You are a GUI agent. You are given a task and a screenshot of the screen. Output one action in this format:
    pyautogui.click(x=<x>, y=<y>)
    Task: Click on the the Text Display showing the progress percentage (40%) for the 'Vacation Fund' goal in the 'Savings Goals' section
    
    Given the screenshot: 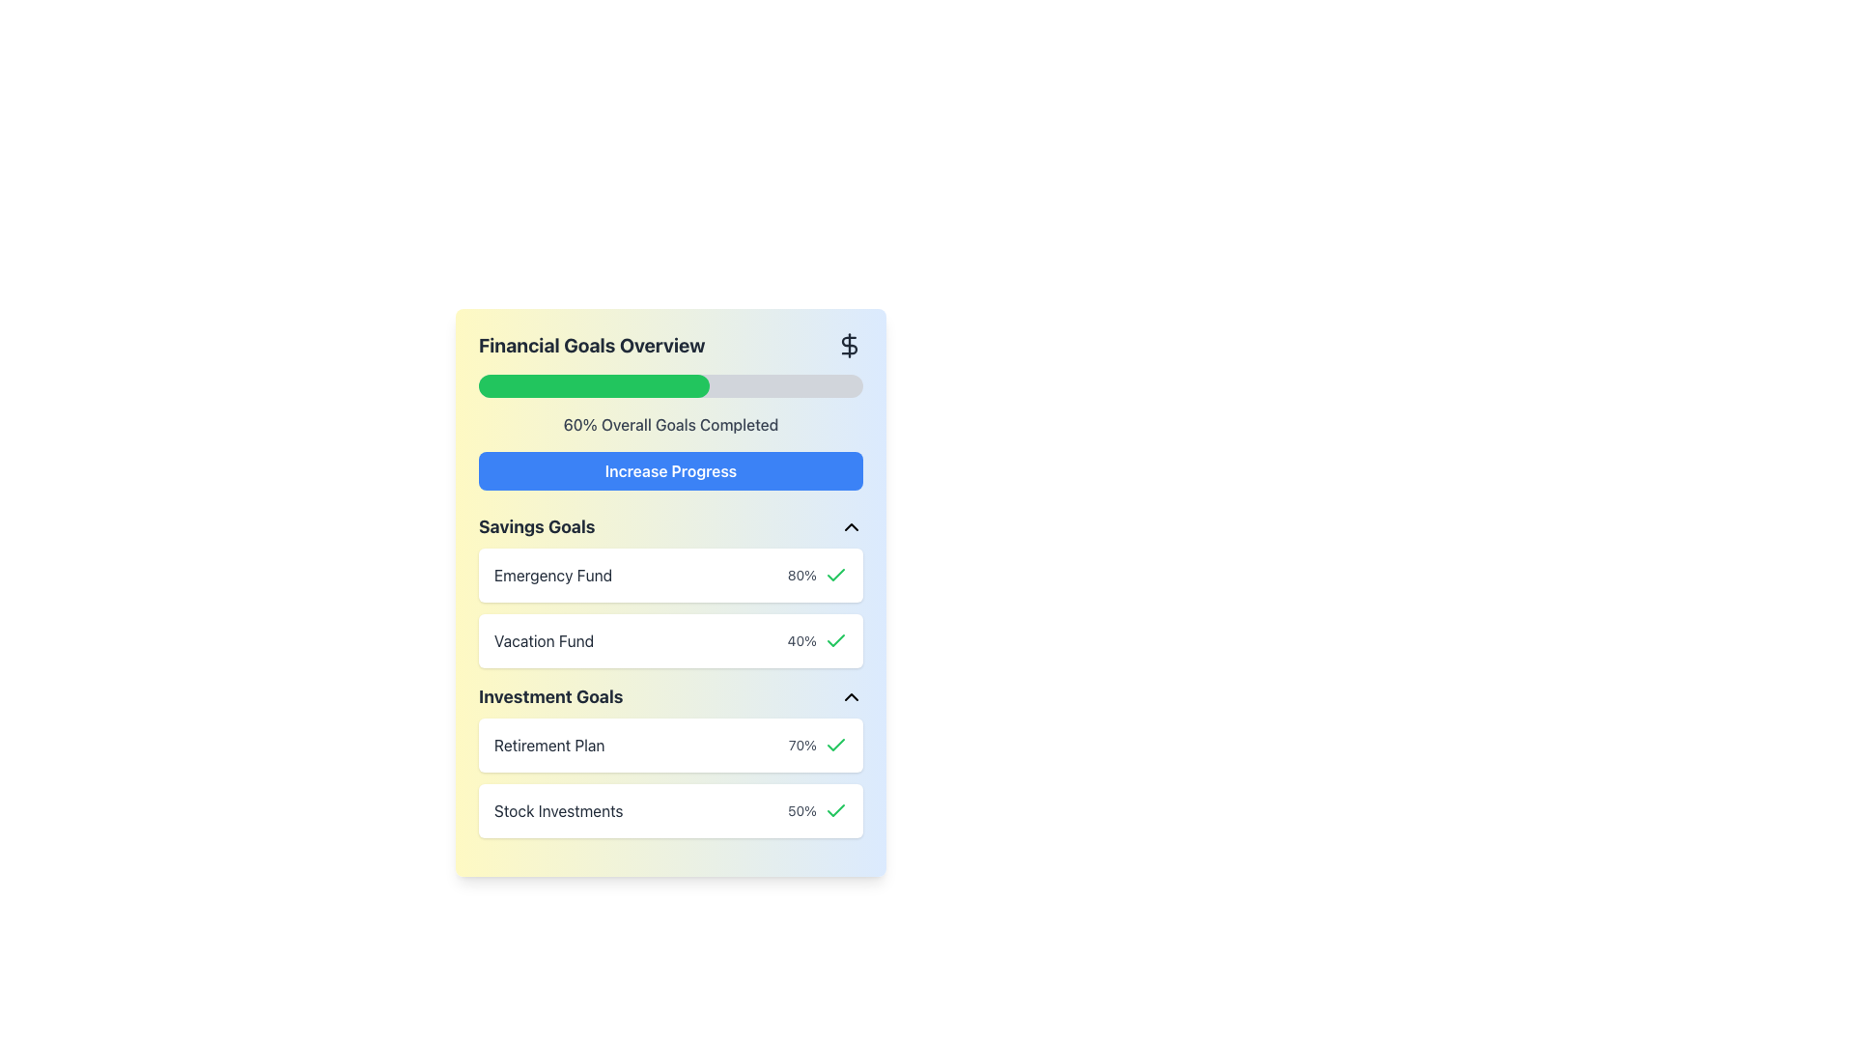 What is the action you would take?
    pyautogui.click(x=817, y=640)
    